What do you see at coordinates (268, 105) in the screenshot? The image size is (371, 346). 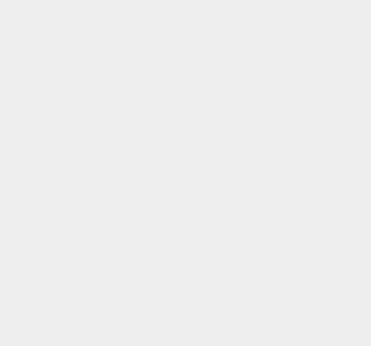 I see `'Opera'` at bounding box center [268, 105].